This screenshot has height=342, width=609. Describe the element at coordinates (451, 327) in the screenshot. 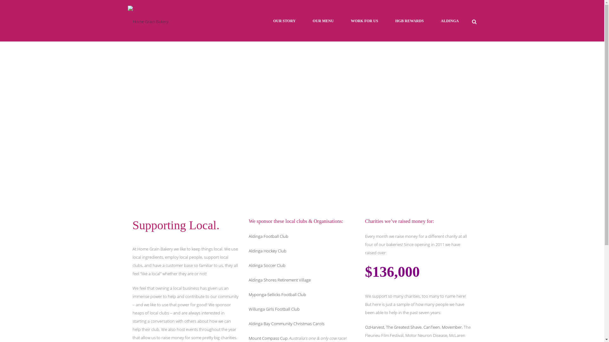

I see `'Movember'` at that location.